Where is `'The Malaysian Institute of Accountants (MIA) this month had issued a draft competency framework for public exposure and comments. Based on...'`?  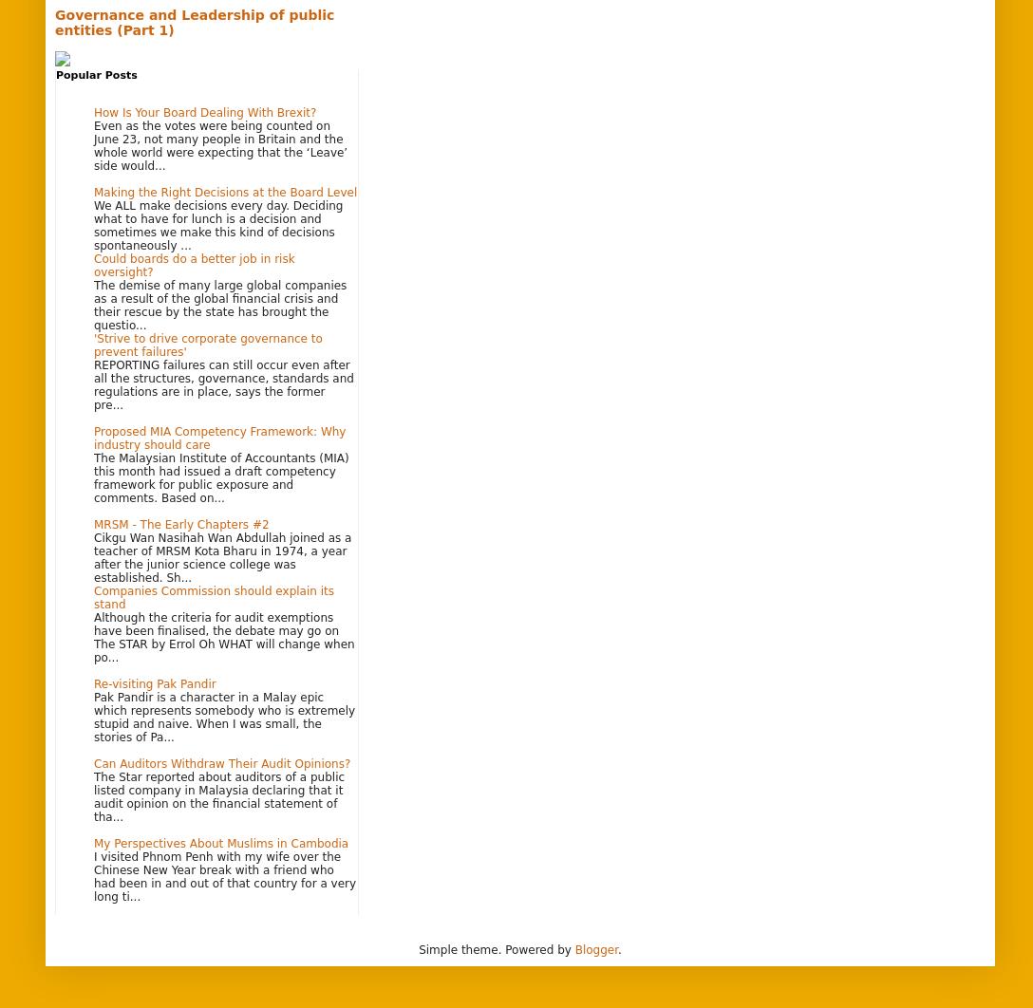 'The Malaysian Institute of Accountants (MIA) this month had issued a draft competency framework for public exposure and comments. Based on...' is located at coordinates (220, 476).